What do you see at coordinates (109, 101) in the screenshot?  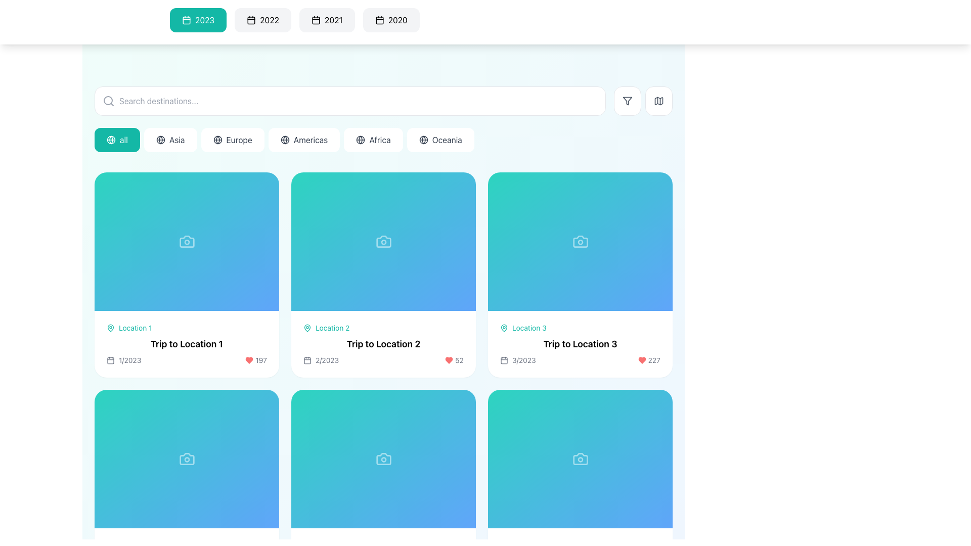 I see `the gray search icon featuring a magnifying glass graphic, which is positioned on the left side of the search bar` at bounding box center [109, 101].